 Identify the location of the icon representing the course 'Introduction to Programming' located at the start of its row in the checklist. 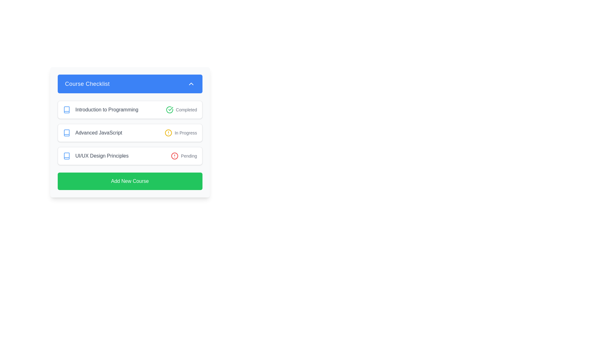
(66, 109).